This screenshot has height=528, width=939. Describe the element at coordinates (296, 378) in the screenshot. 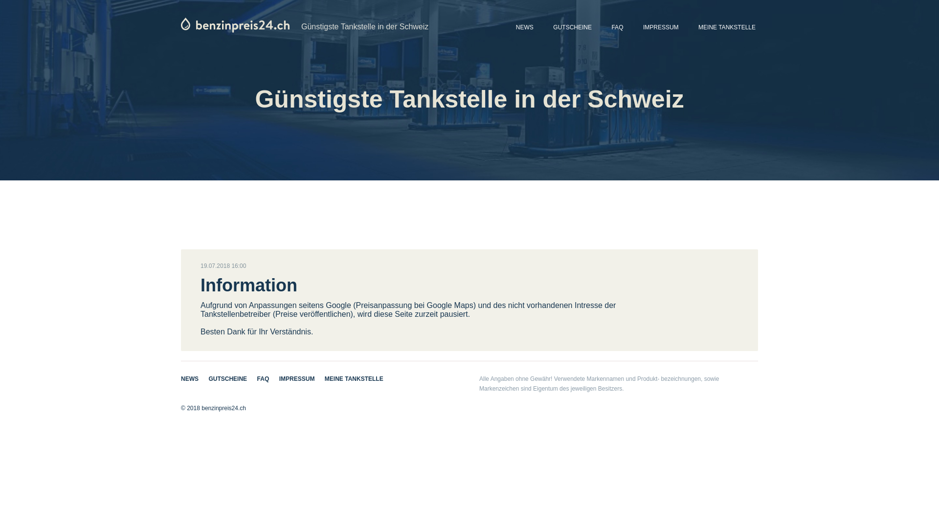

I see `'IMPRESSUM'` at that location.